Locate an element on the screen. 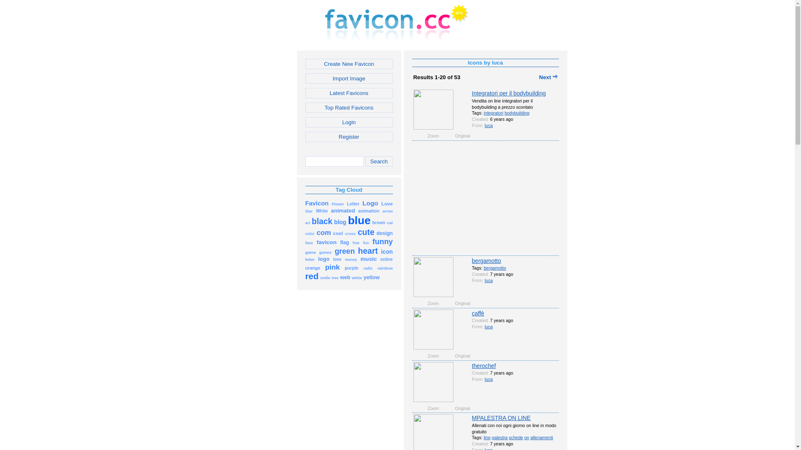 This screenshot has height=450, width=801. 'rainbow' is located at coordinates (384, 267).